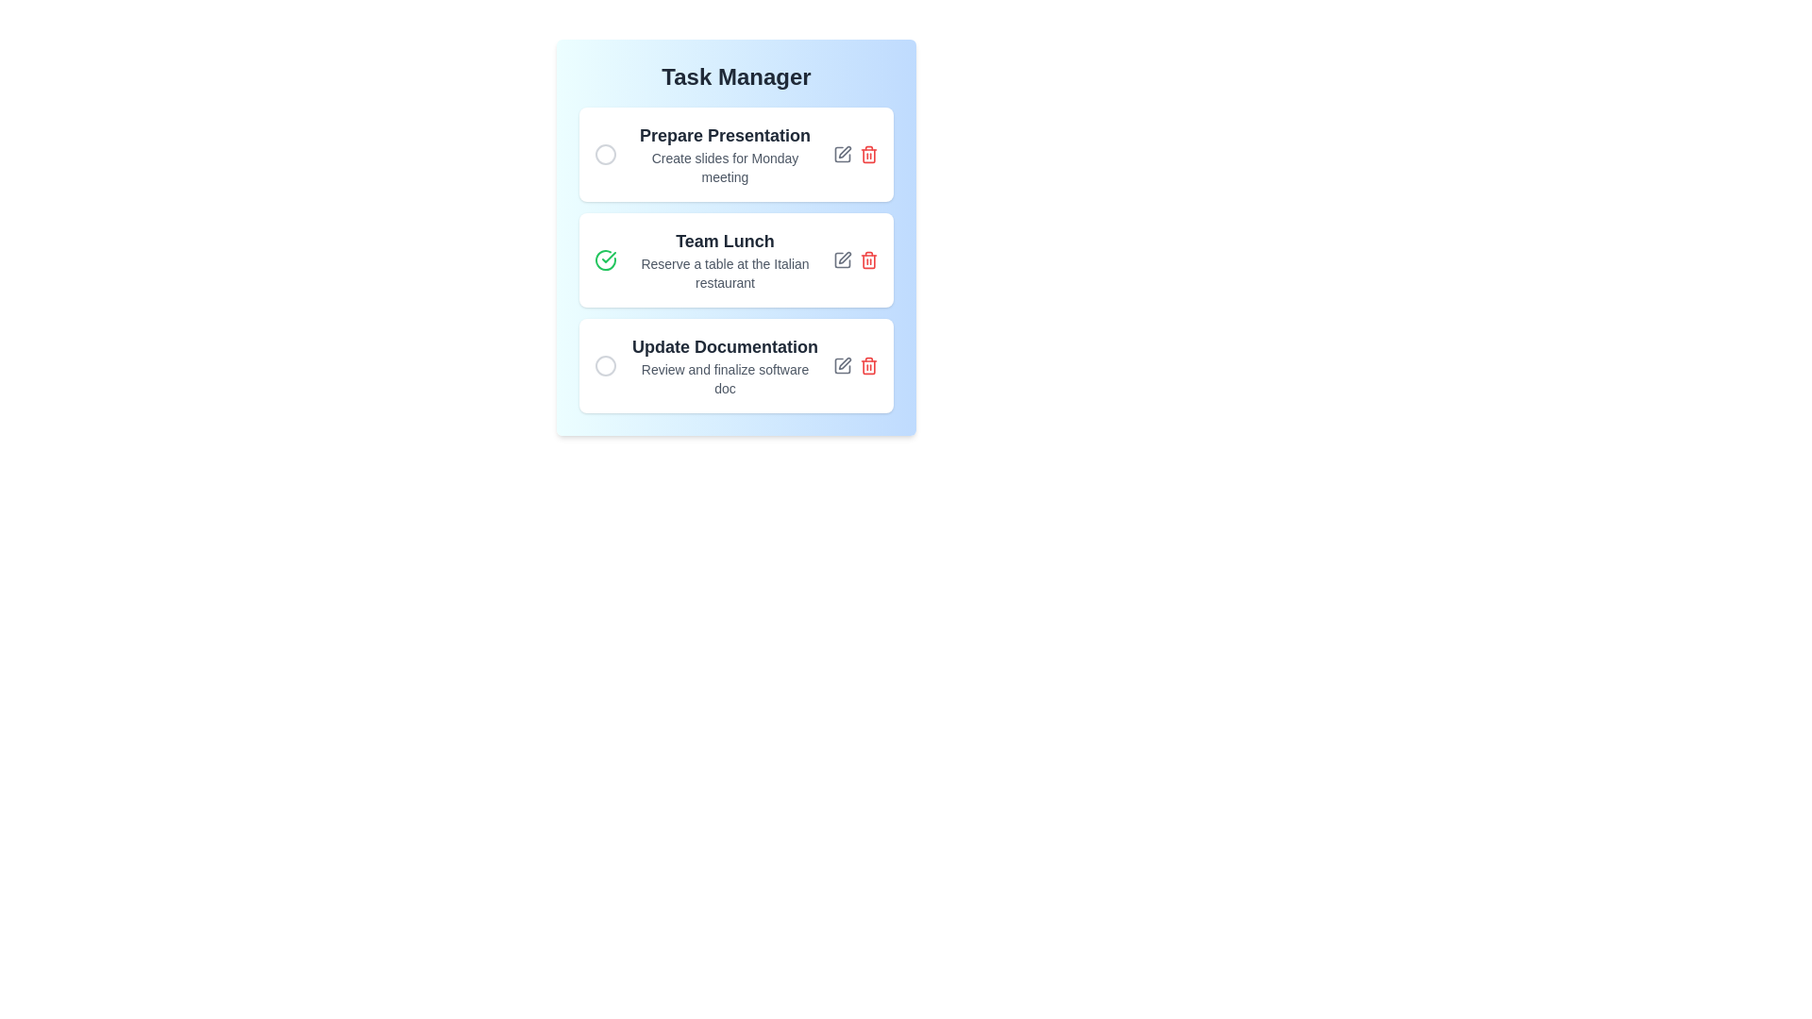  I want to click on the information of the task titled Update Documentation, so click(724, 366).